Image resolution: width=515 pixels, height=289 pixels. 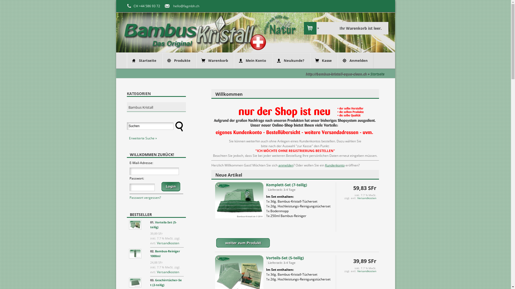 What do you see at coordinates (156, 107) in the screenshot?
I see `'Bambus Kristall'` at bounding box center [156, 107].